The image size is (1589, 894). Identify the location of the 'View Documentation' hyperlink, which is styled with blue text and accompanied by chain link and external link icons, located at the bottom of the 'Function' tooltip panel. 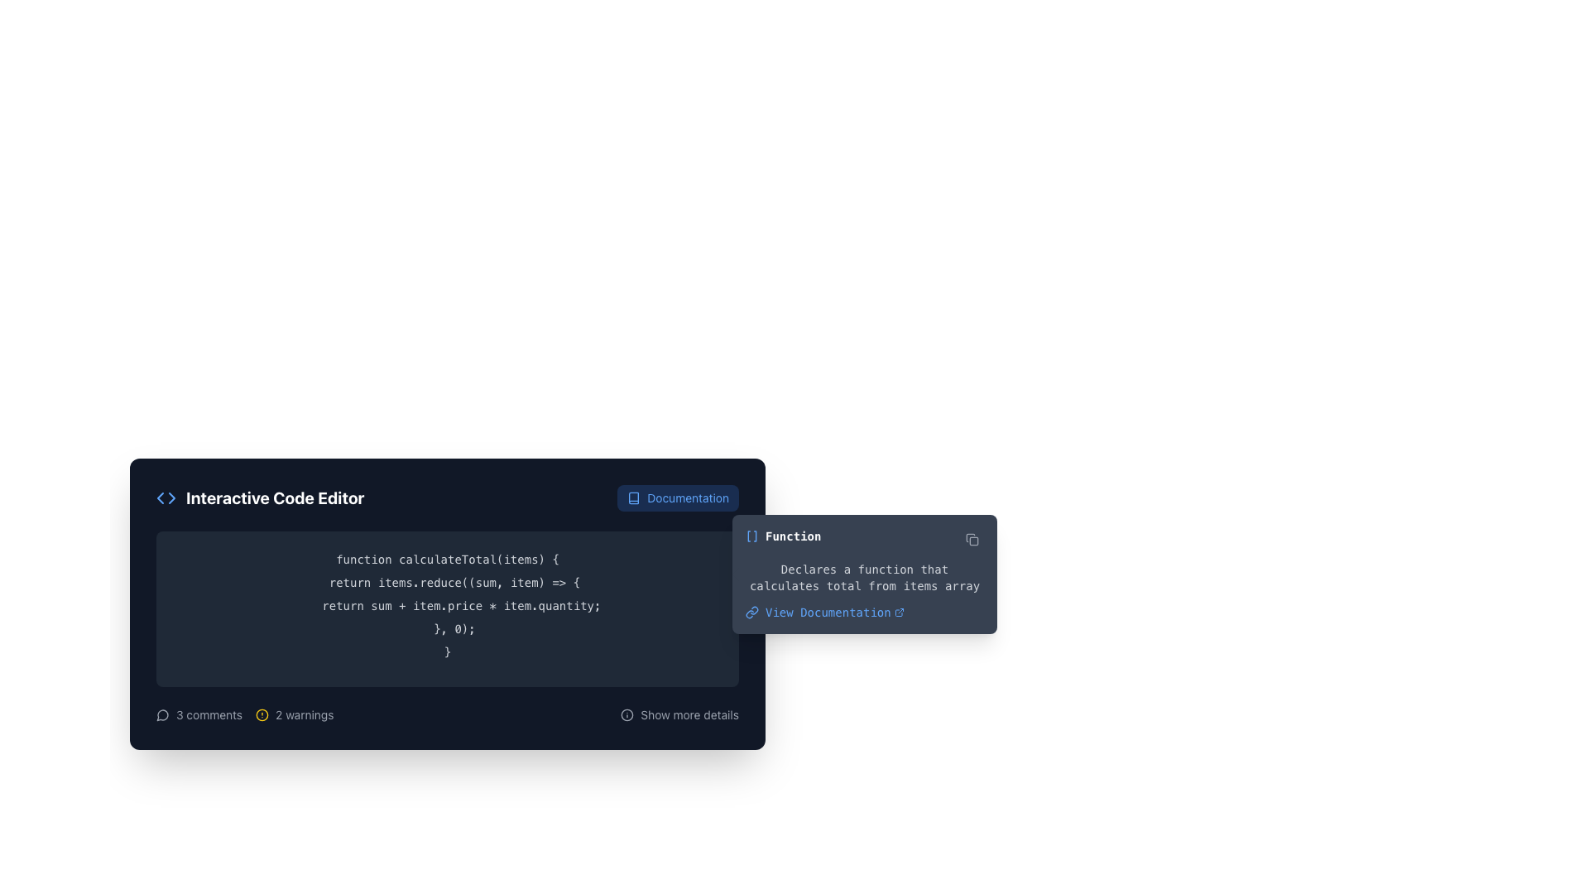
(864, 613).